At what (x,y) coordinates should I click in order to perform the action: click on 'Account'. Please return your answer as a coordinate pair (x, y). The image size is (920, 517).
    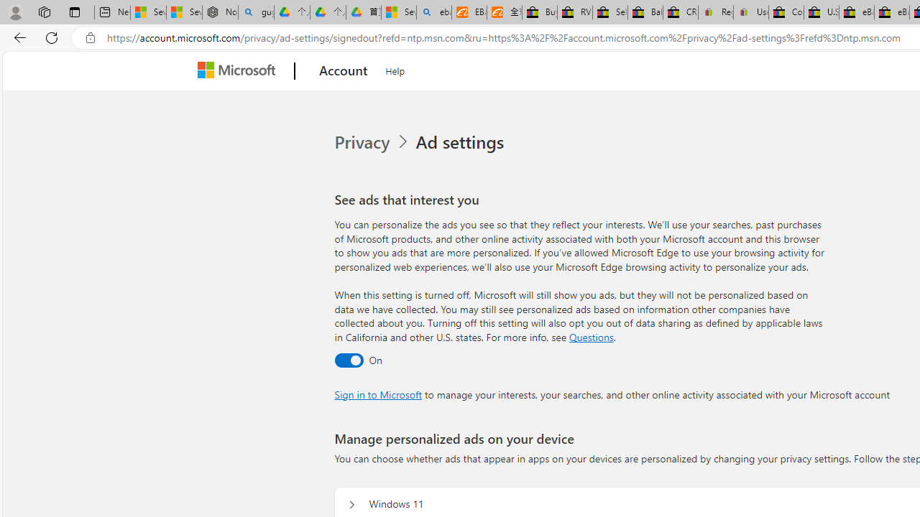
    Looking at the image, I should click on (343, 71).